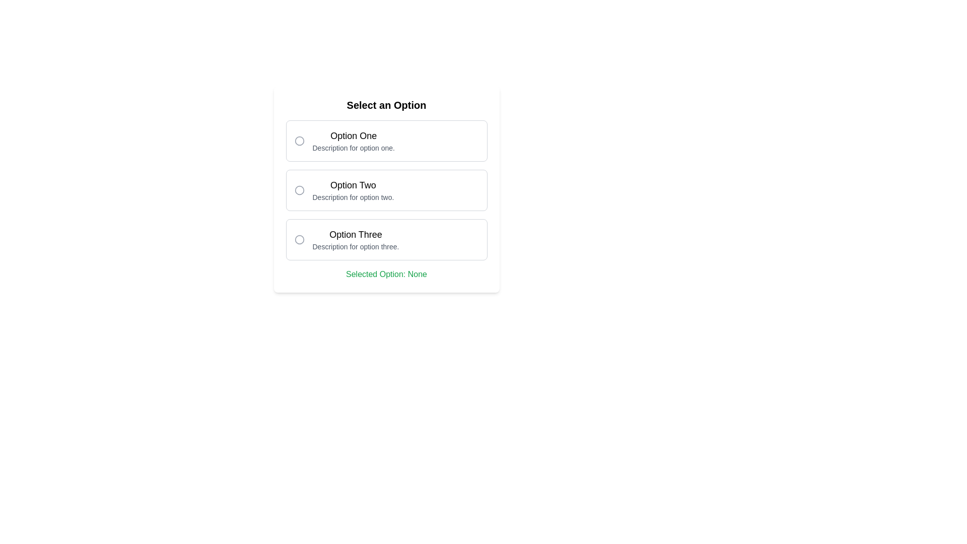 The width and height of the screenshot is (967, 544). I want to click on text label that provides additional information about the third option in the selection list, located under the 'Option Three' heading, so click(356, 246).